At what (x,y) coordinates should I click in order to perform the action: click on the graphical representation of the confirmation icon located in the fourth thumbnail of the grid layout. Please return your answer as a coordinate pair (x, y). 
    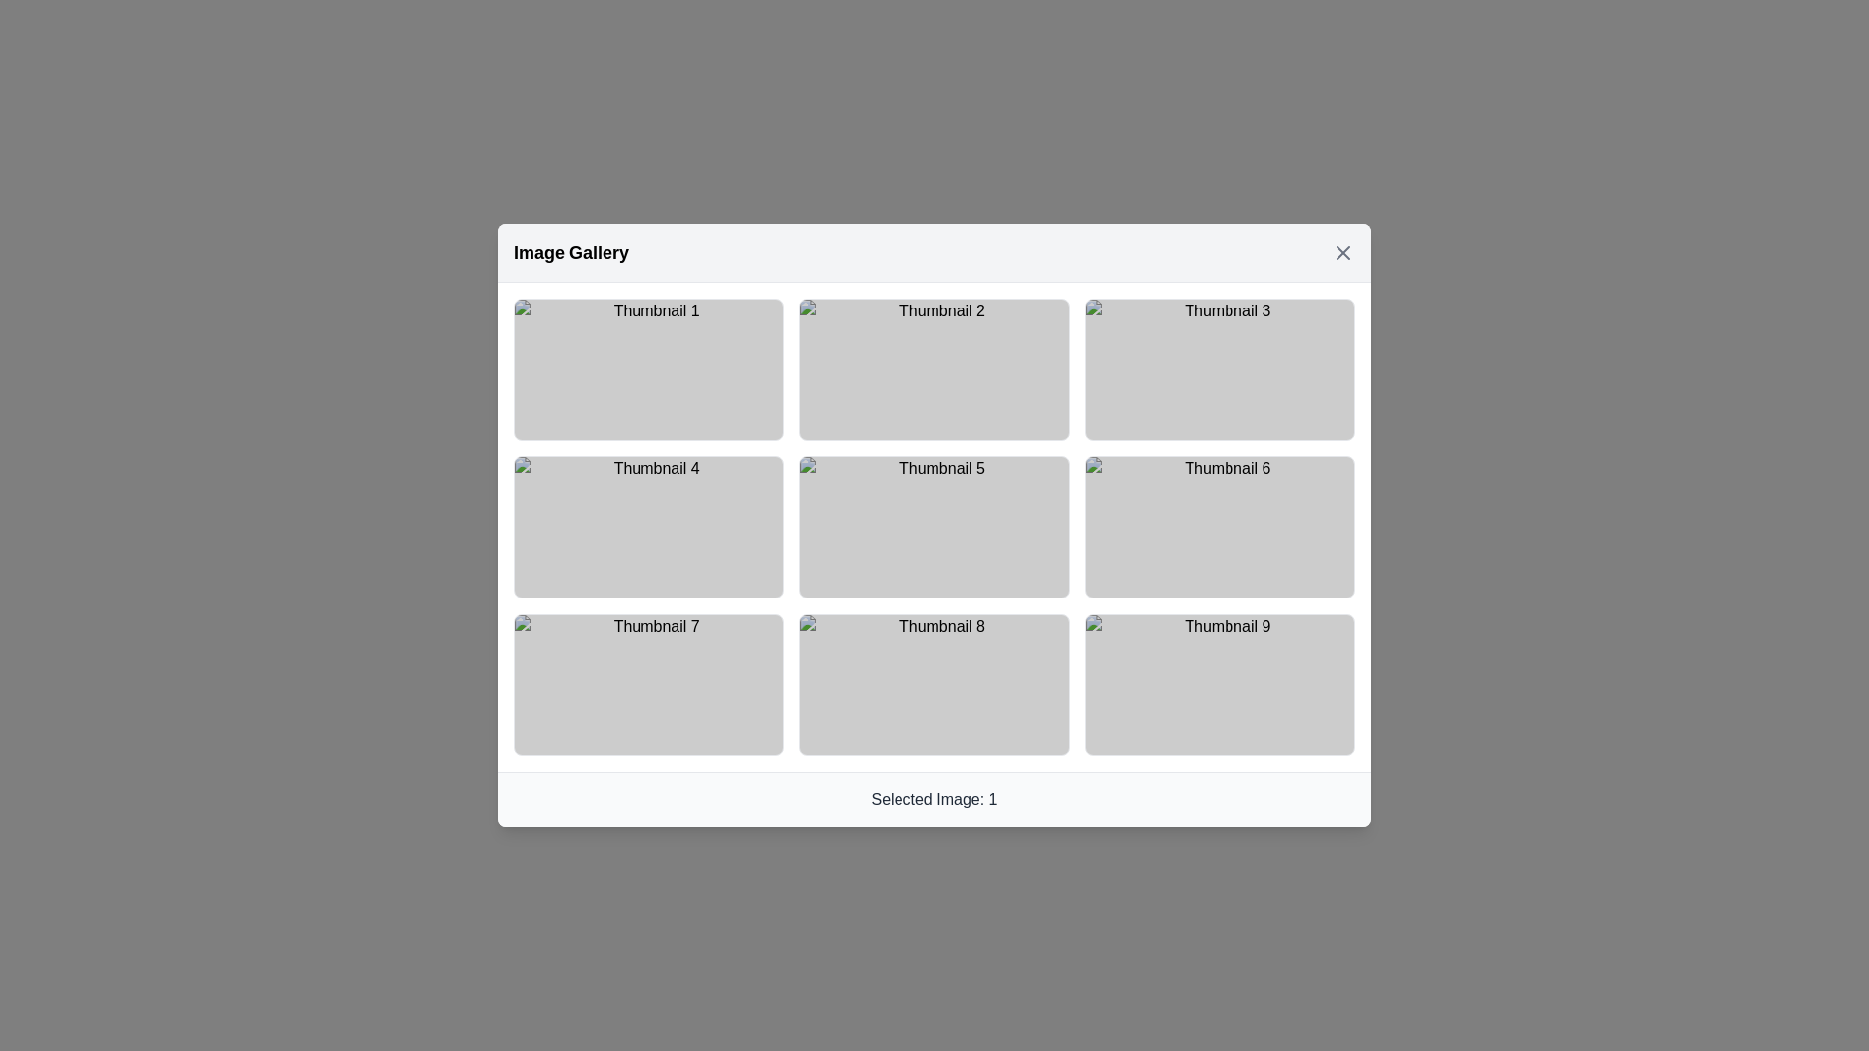
    Looking at the image, I should click on (648, 527).